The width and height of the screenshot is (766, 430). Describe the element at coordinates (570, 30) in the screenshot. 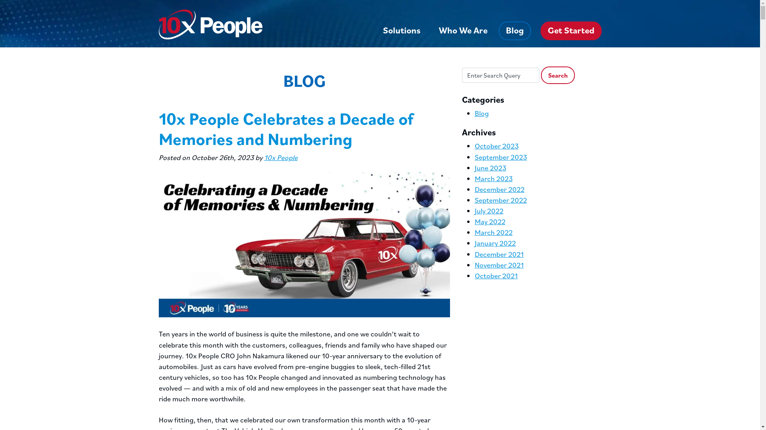

I see `'Get Started'` at that location.